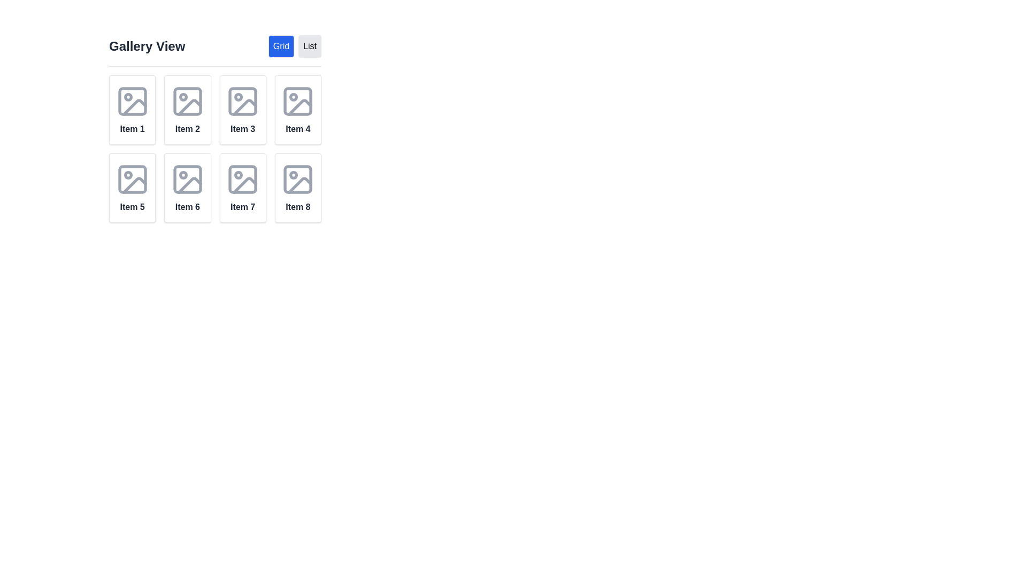 The image size is (1027, 577). I want to click on the decorative rectangle within the image representation of 'Item 7' in the grid layout, so click(242, 178).